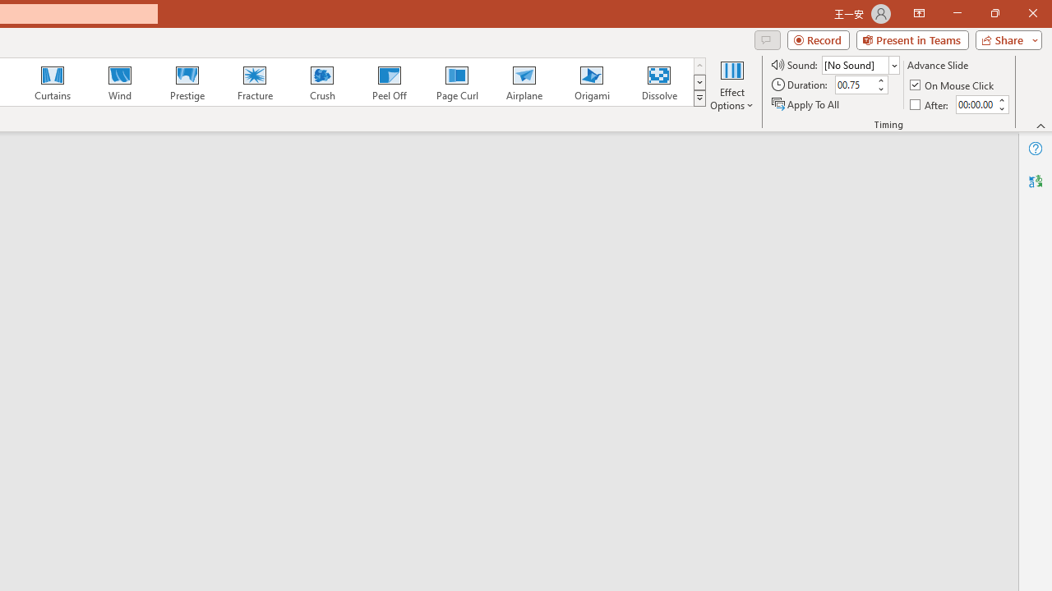  What do you see at coordinates (321, 82) in the screenshot?
I see `'Crush'` at bounding box center [321, 82].